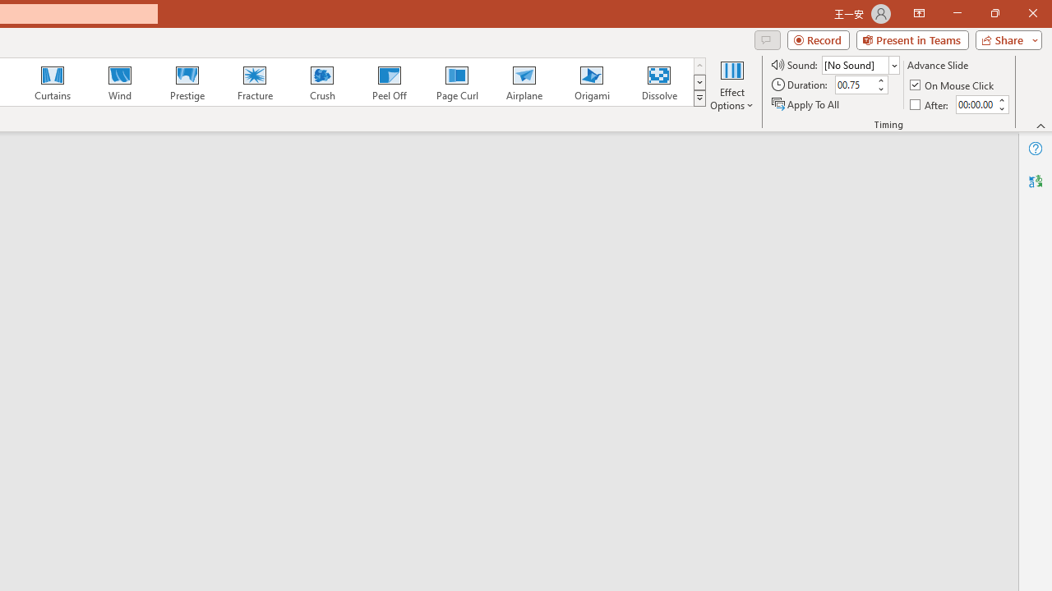  What do you see at coordinates (321, 82) in the screenshot?
I see `'Crush'` at bounding box center [321, 82].